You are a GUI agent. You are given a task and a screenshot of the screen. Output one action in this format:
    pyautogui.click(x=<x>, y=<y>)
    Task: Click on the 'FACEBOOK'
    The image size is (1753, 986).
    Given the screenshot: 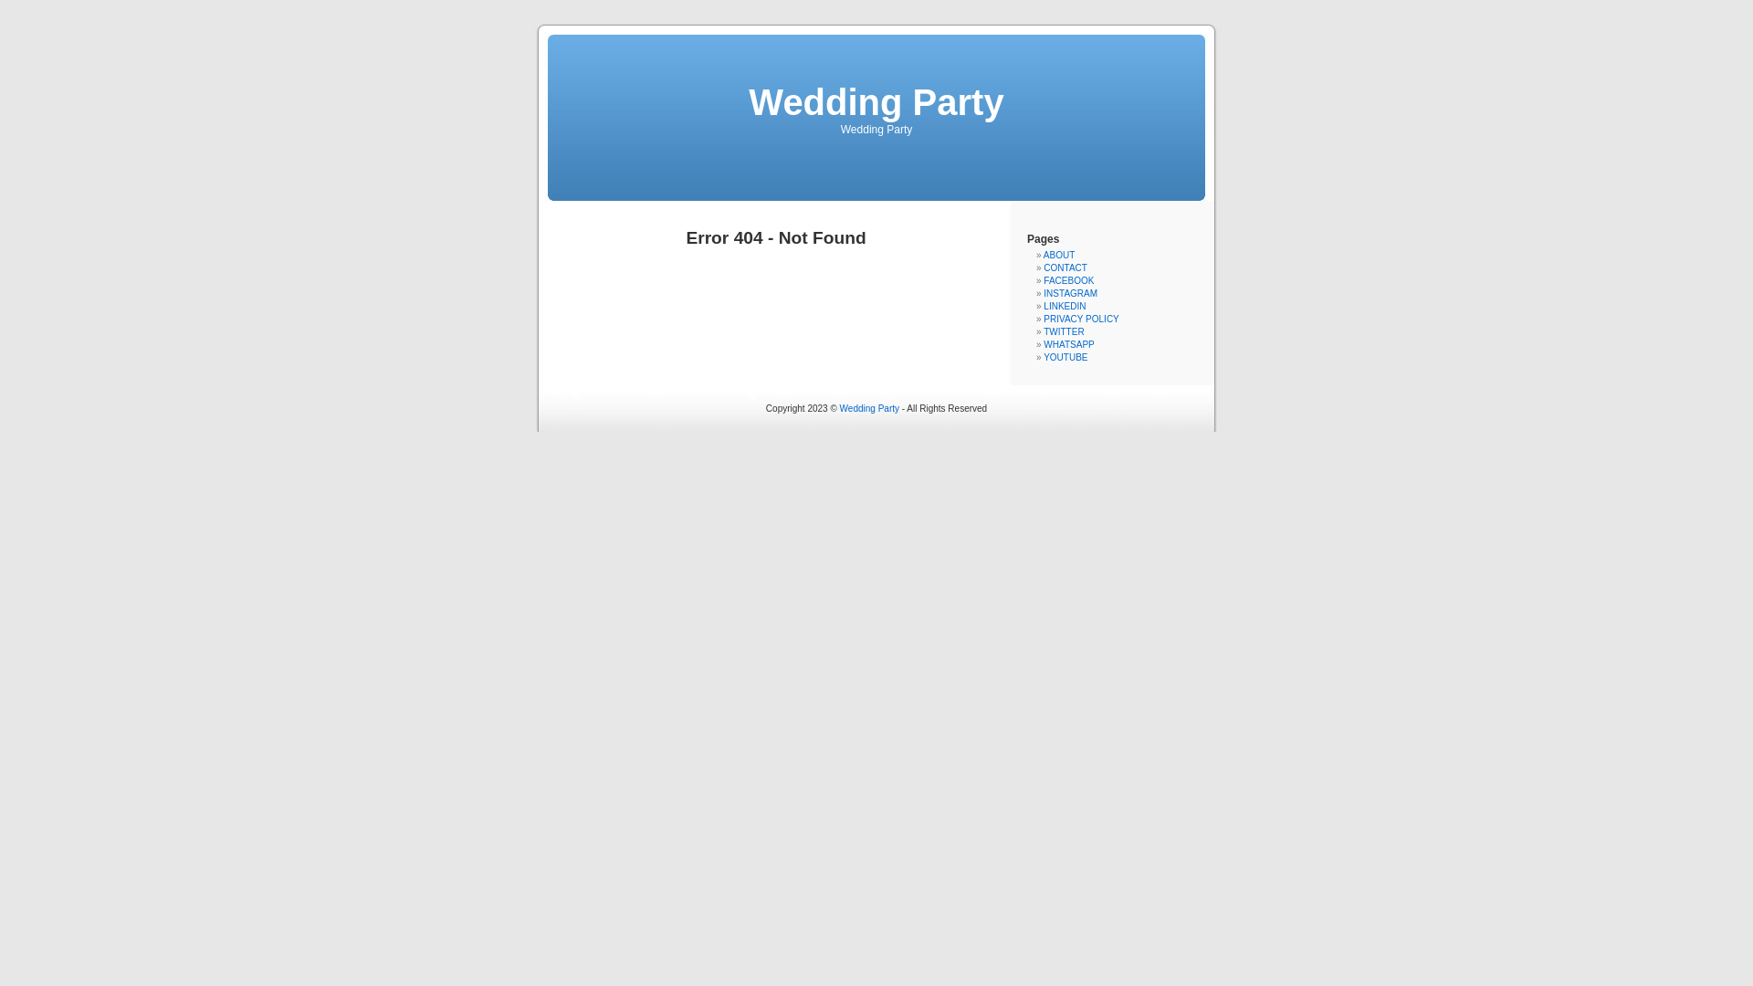 What is the action you would take?
    pyautogui.click(x=1068, y=280)
    